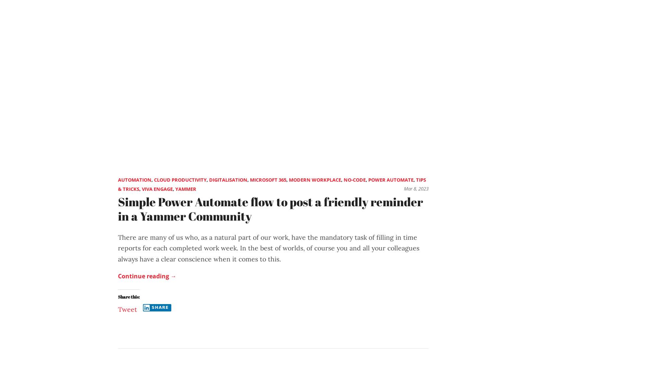 This screenshot has height=378, width=655. What do you see at coordinates (127, 309) in the screenshot?
I see `'Tweet'` at bounding box center [127, 309].